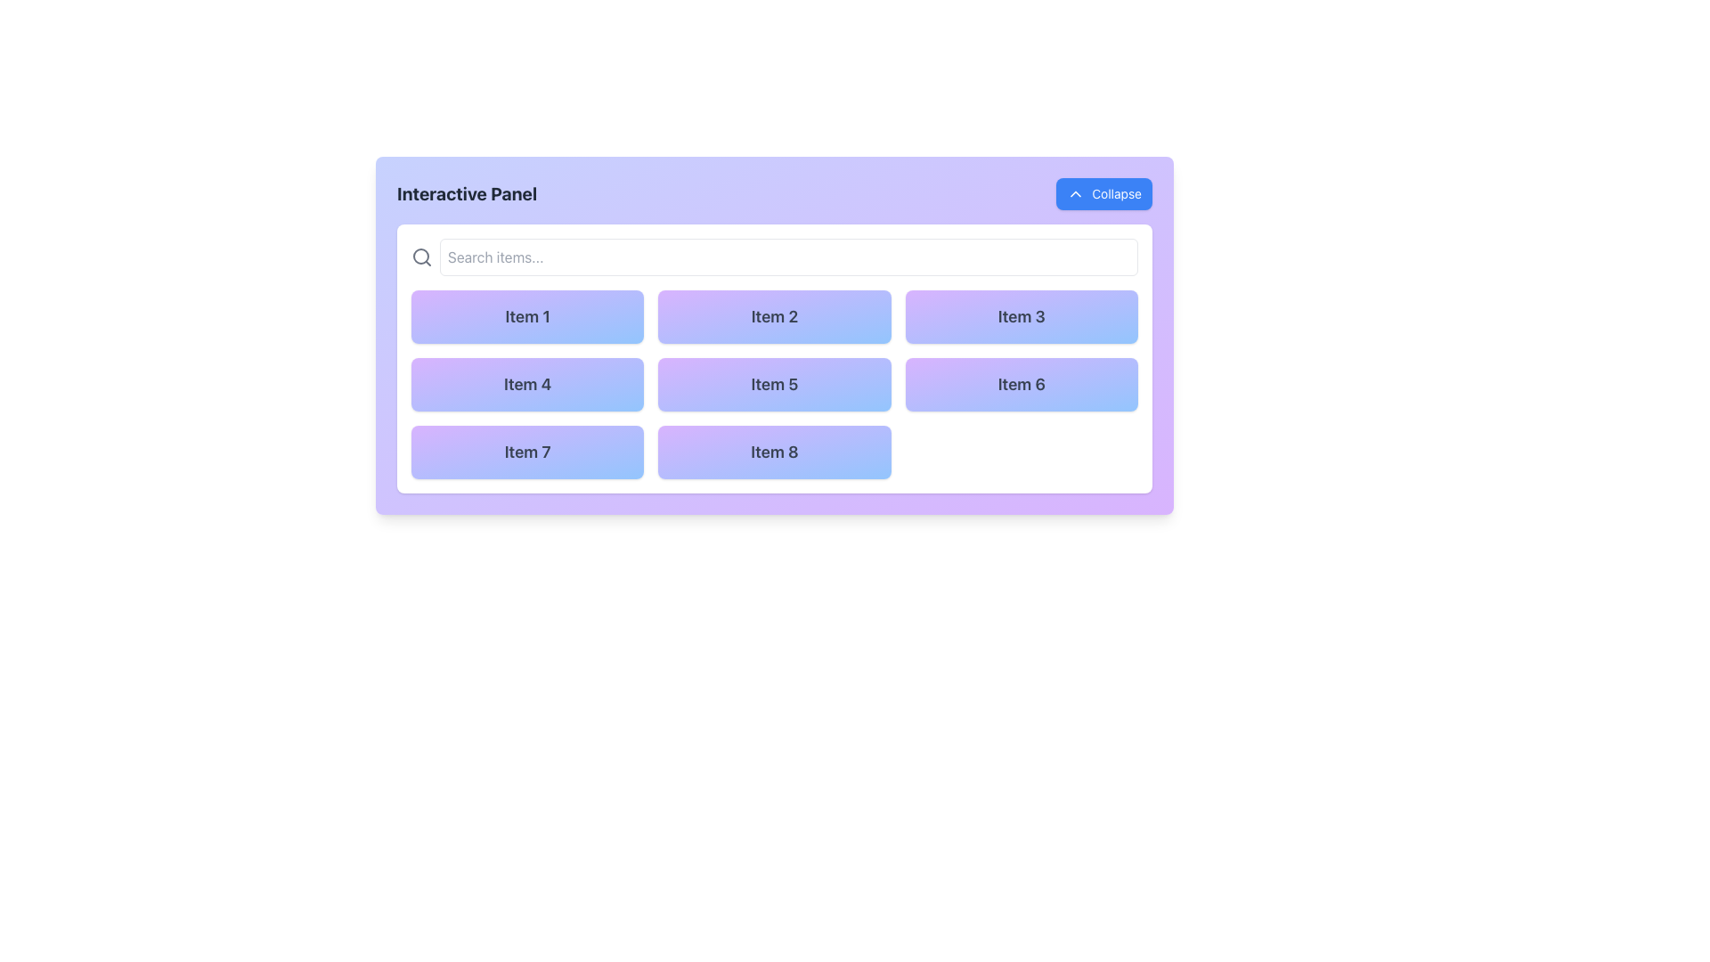  Describe the element at coordinates (1022, 315) in the screenshot. I see `the button labeled 'Item 3' with a gradient background from blue to purple, located in the first row and third position of the grid layout` at that location.